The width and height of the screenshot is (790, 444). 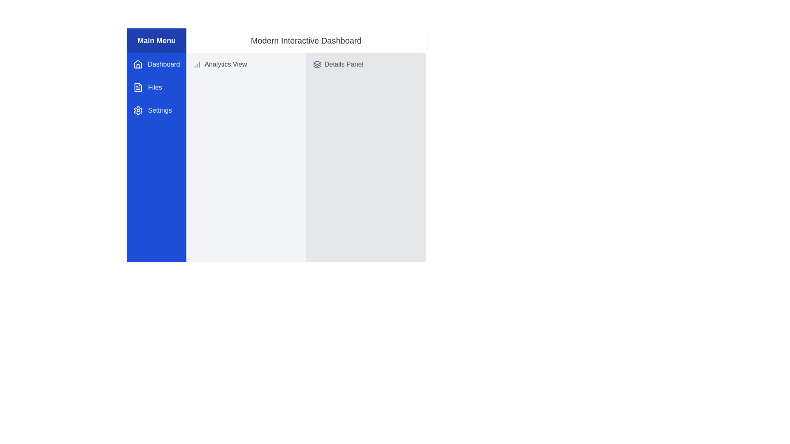 I want to click on the gear icon representing settings located to the left of the text label 'Settings' in the main menu on the left sidebar, so click(x=138, y=110).